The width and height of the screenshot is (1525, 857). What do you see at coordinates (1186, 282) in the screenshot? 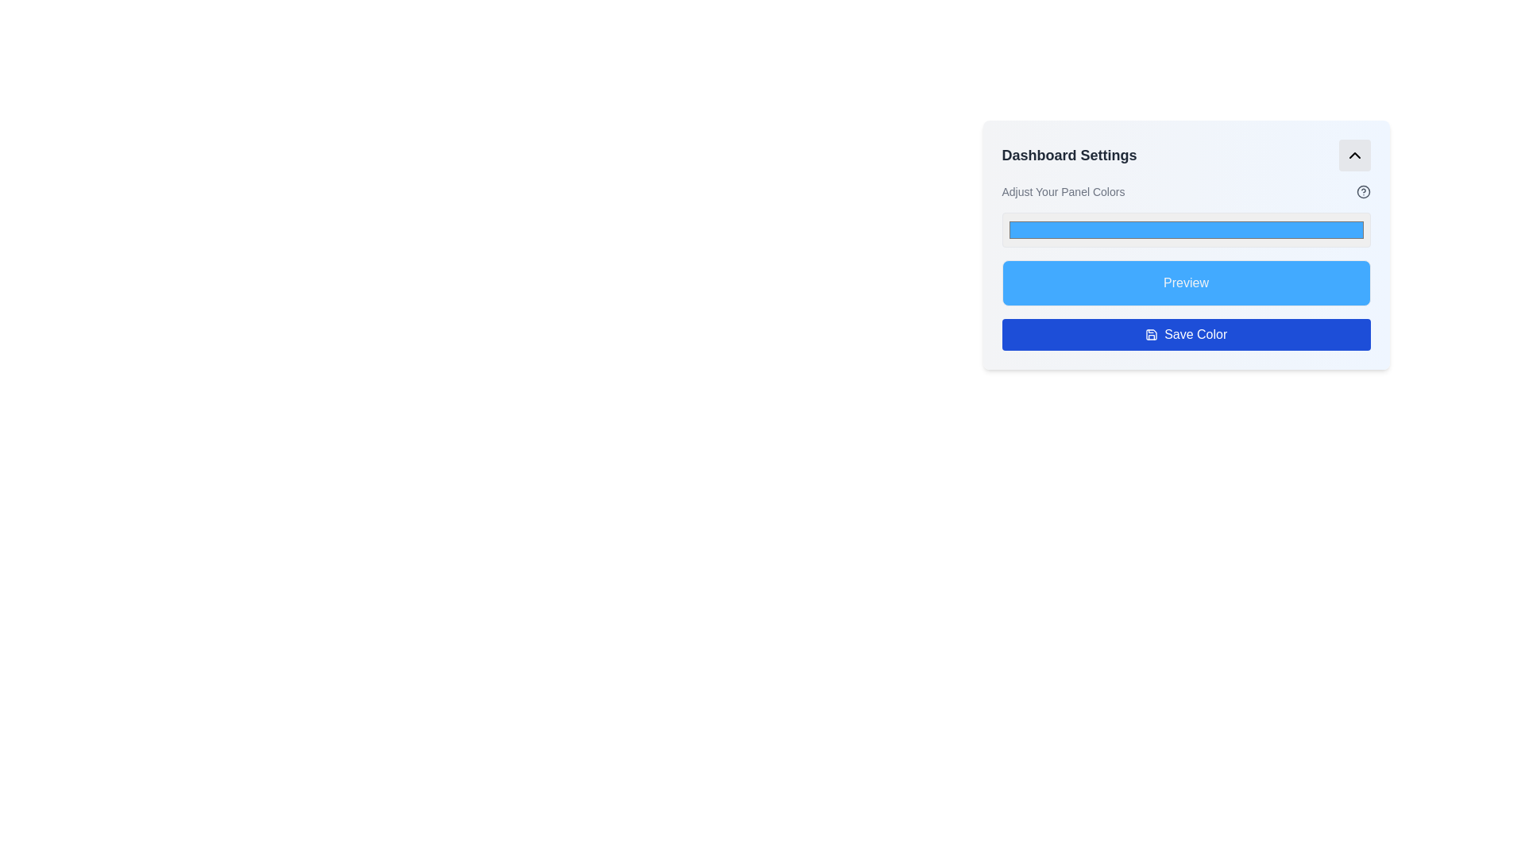
I see `the preview button located in the middle section of the 'Dashboard Settings' widget, positioned below the color picker and above the 'Save Color' button` at bounding box center [1186, 282].